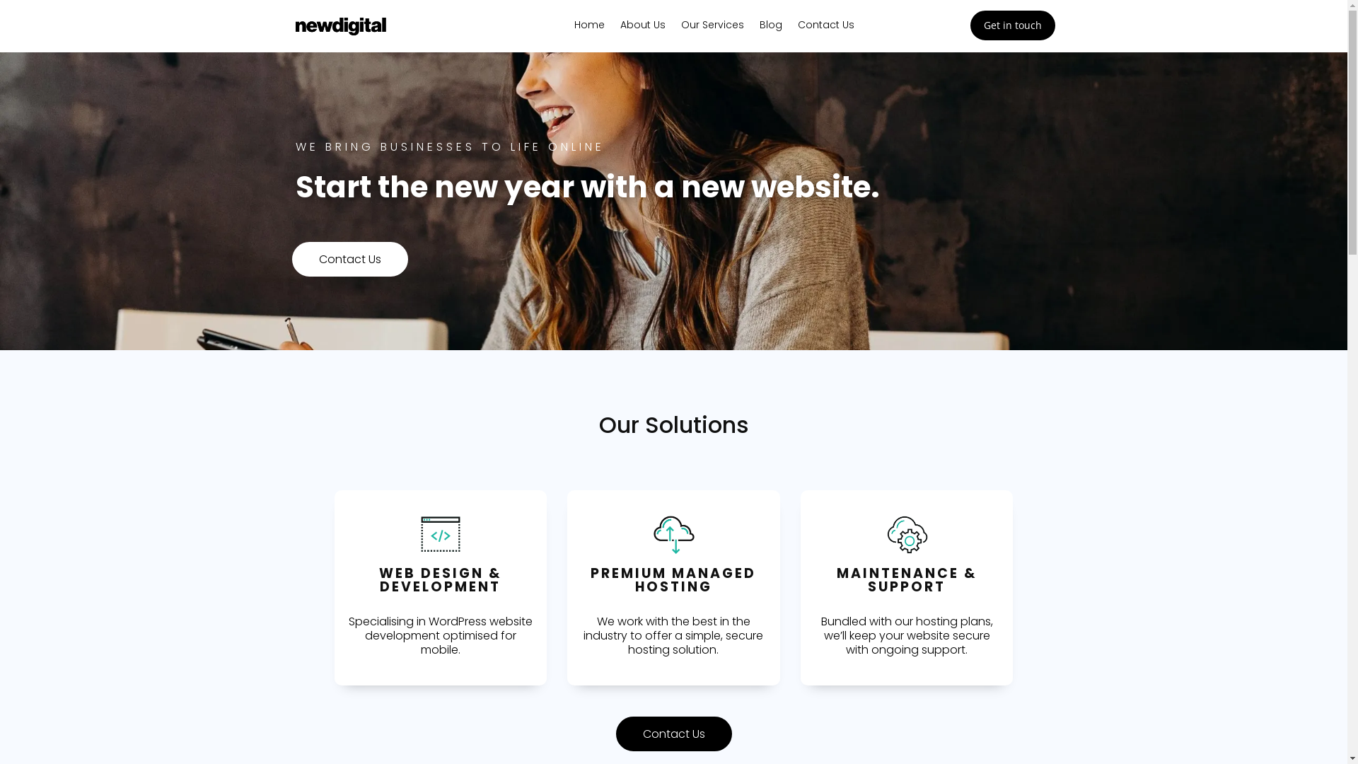  What do you see at coordinates (825, 27) in the screenshot?
I see `'Contact Us'` at bounding box center [825, 27].